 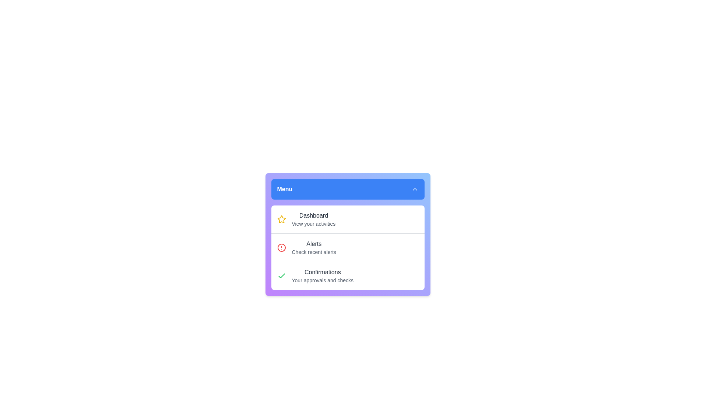 I want to click on the 'Alerts' list item within the menu component, which displays recent alert information, located in the gradient-styled panel between 'Dashboard' and 'Confirmations', so click(x=347, y=234).